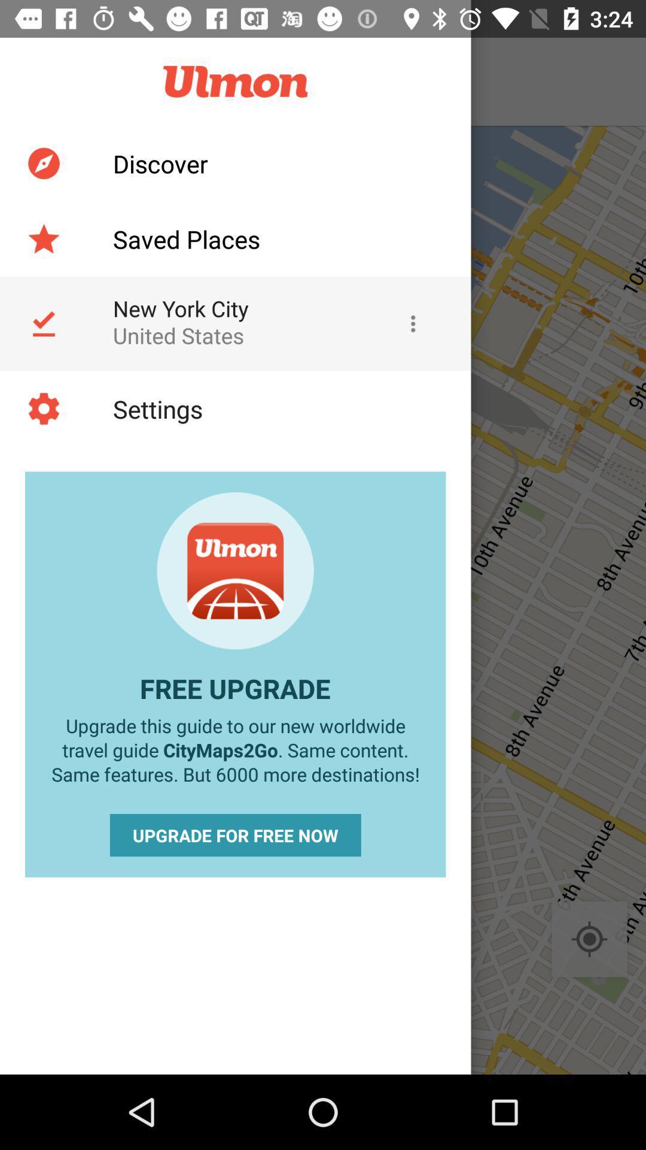  What do you see at coordinates (589, 939) in the screenshot?
I see `the location_crosshair icon` at bounding box center [589, 939].